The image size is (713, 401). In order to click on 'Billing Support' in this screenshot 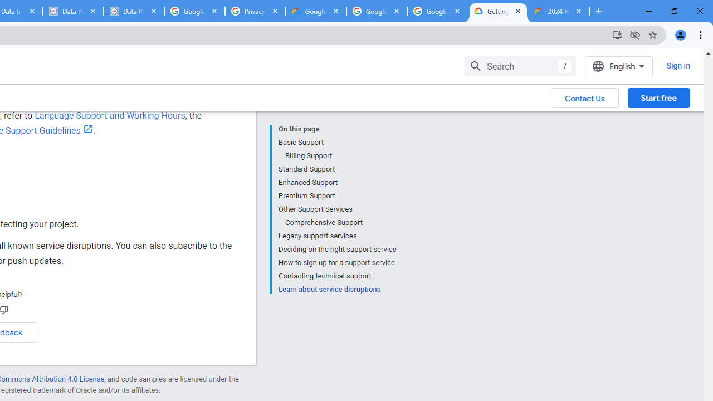, I will do `click(340, 156)`.